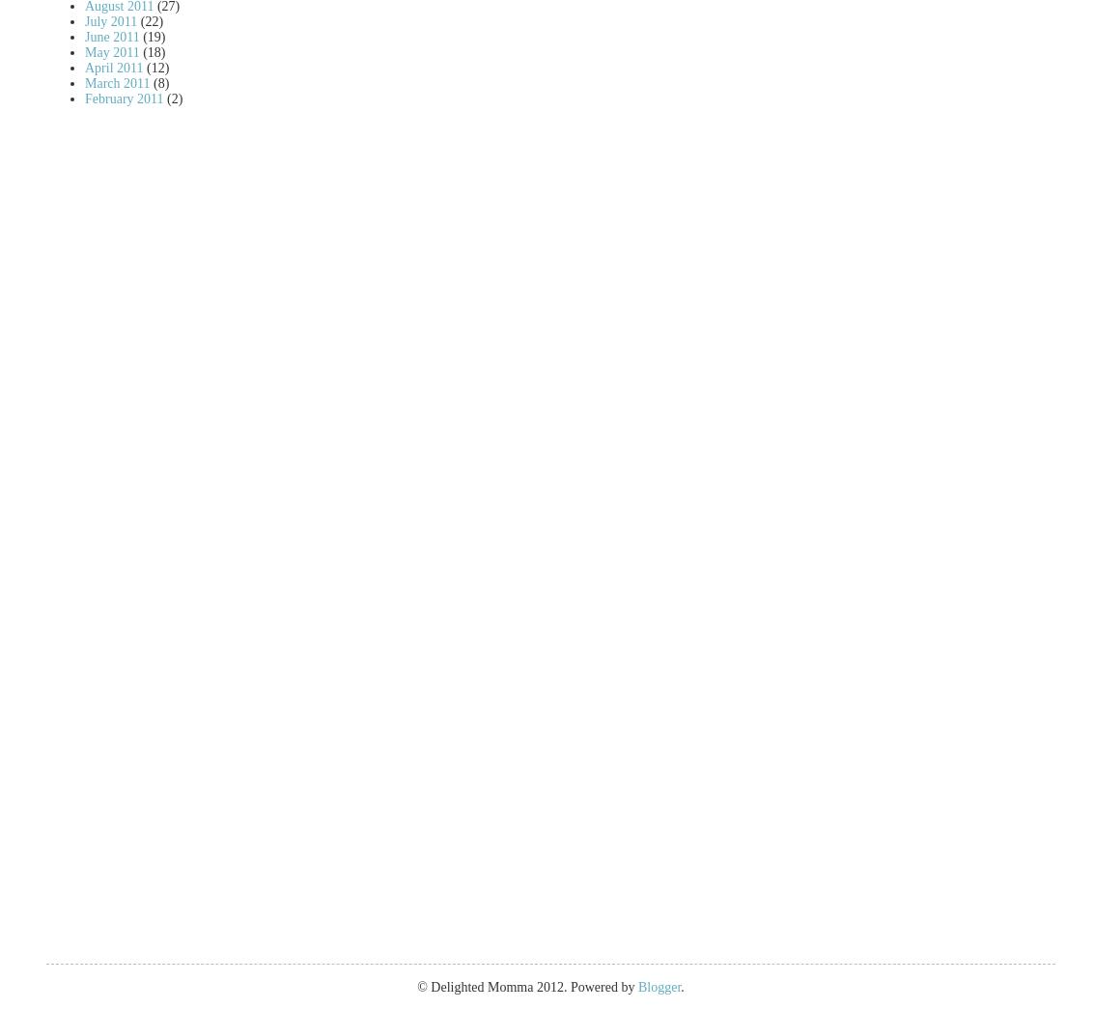 The width and height of the screenshot is (1094, 1010). What do you see at coordinates (84, 35) in the screenshot?
I see `'June 2011'` at bounding box center [84, 35].